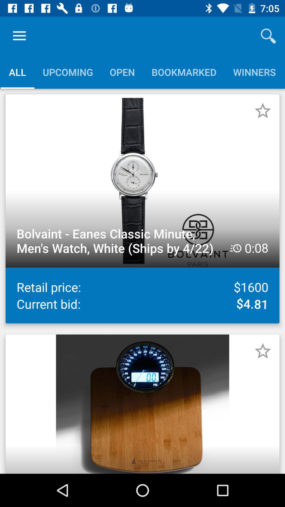 Image resolution: width=285 pixels, height=507 pixels. I want to click on to favorites, so click(263, 111).